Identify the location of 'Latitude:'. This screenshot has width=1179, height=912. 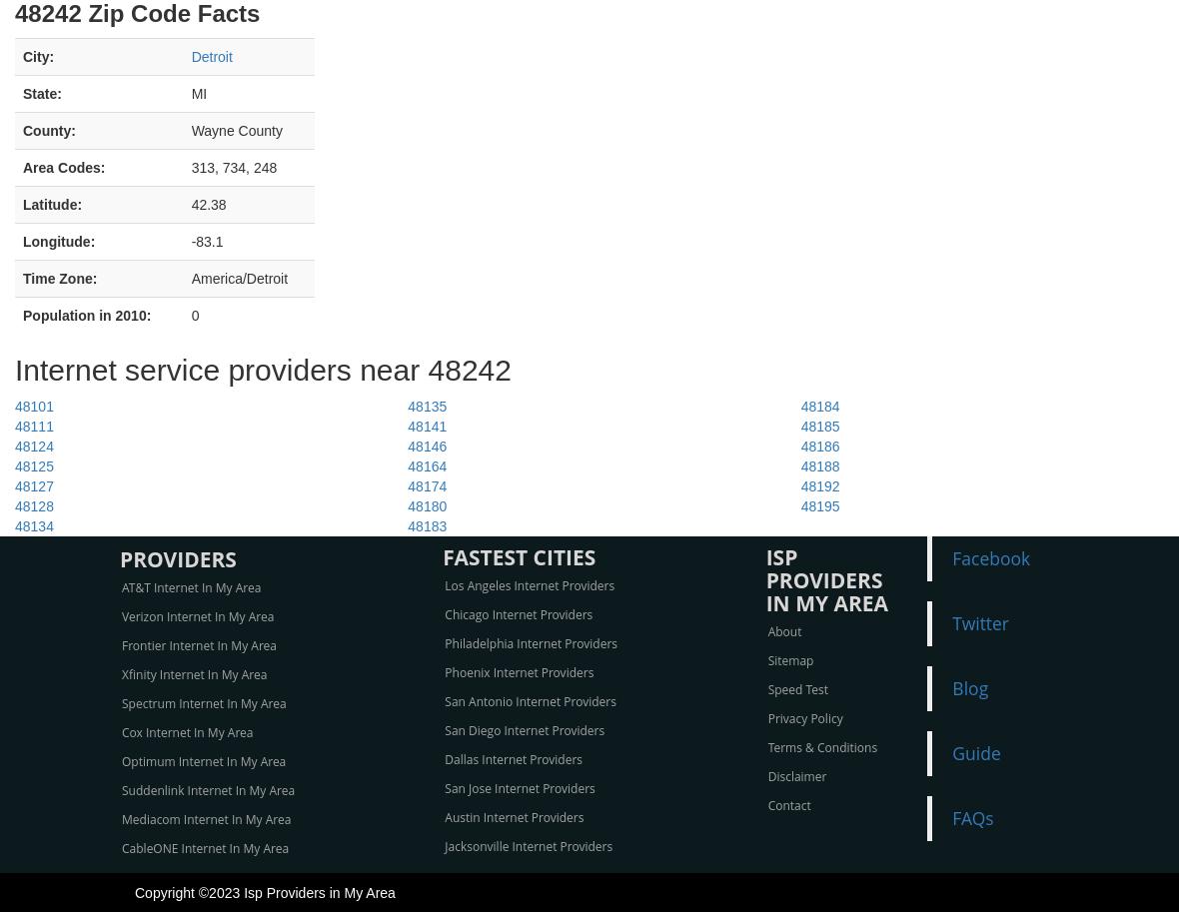
(51, 203).